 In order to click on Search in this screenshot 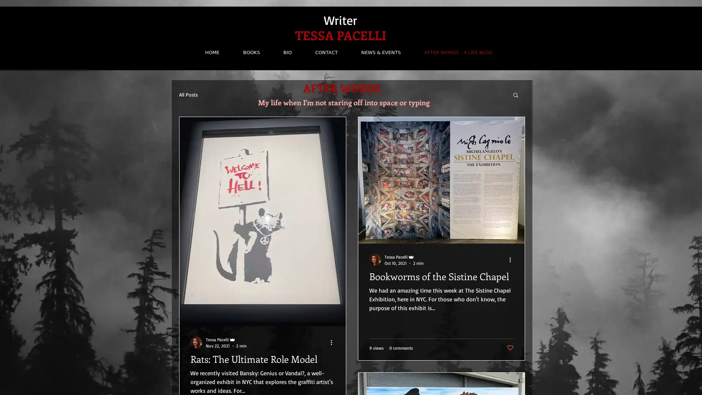, I will do `click(515, 95)`.